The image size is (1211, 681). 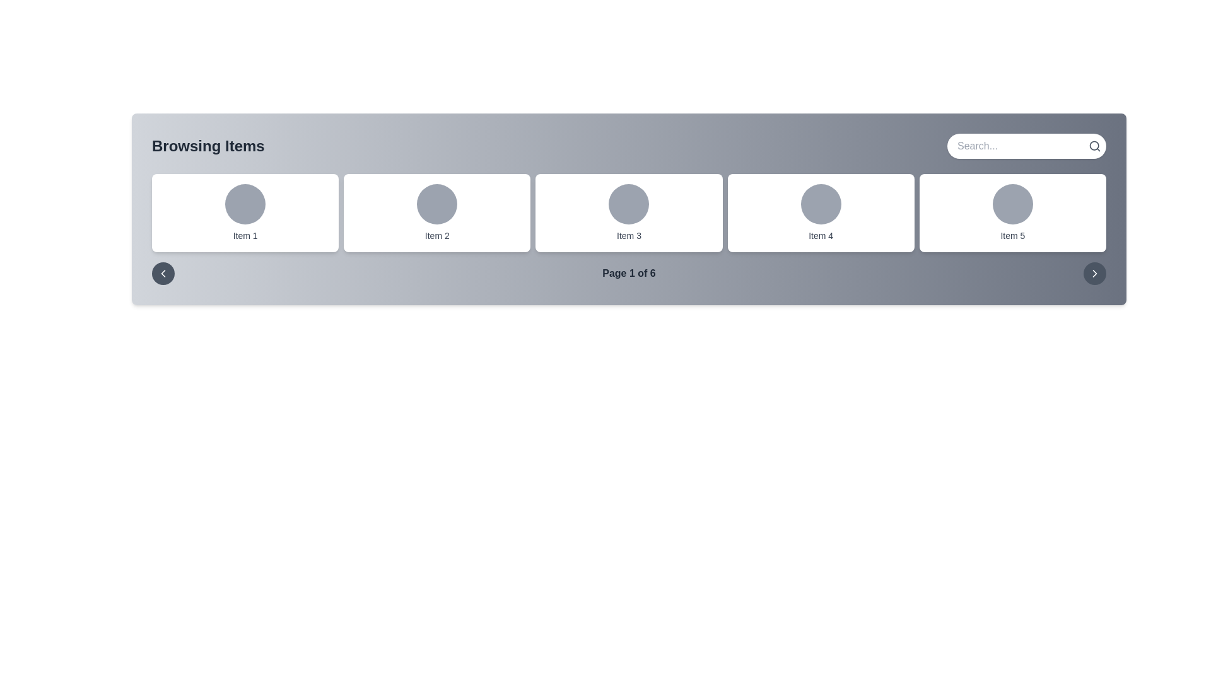 I want to click on the Static Text Label that serves as a title for the associated card component, positioned under a circular icon in a horizontally aligned list, so click(x=437, y=236).